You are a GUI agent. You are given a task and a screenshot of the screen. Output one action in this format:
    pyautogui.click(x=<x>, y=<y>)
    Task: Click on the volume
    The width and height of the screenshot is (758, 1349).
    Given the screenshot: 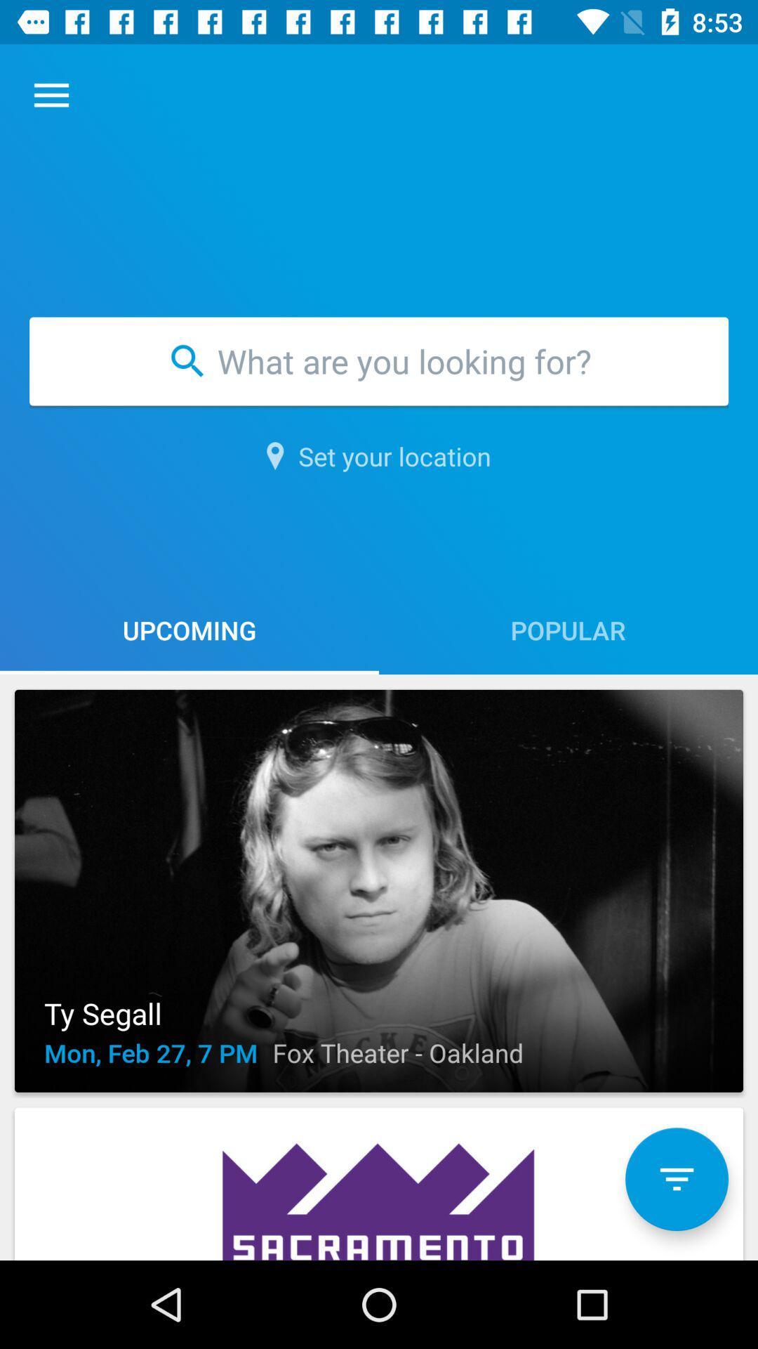 What is the action you would take?
    pyautogui.click(x=676, y=1179)
    